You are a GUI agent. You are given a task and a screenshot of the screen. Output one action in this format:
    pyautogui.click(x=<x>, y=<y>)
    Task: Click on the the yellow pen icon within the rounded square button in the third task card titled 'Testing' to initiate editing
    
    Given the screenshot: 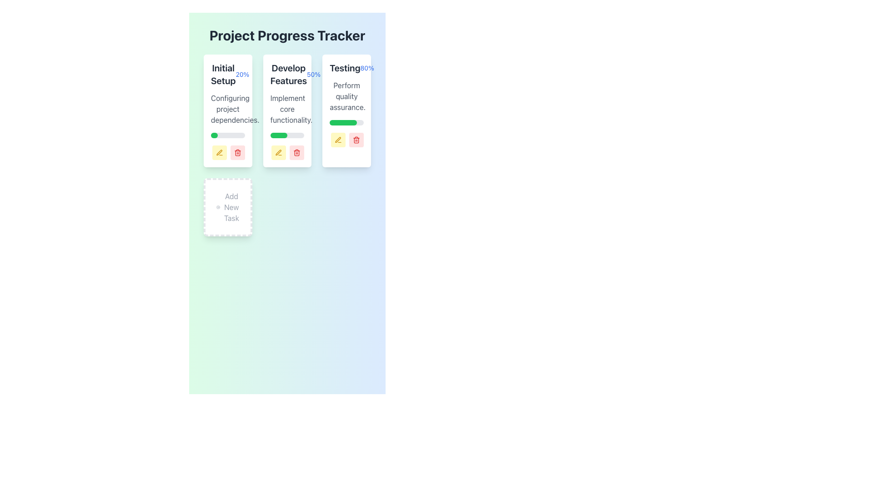 What is the action you would take?
    pyautogui.click(x=278, y=152)
    